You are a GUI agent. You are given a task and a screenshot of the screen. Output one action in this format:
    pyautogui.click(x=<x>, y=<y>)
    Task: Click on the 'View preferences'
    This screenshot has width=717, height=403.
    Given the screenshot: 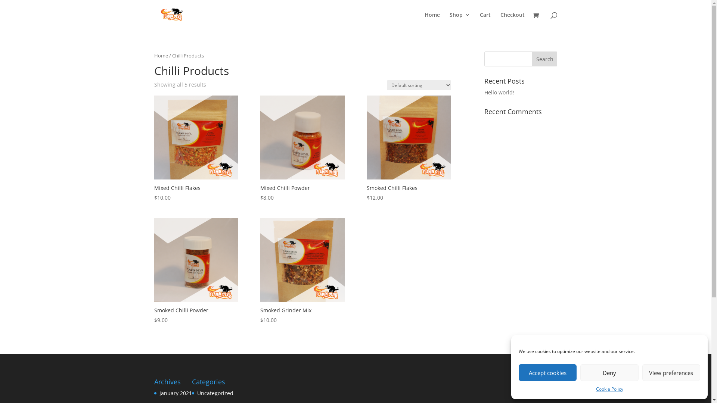 What is the action you would take?
    pyautogui.click(x=642, y=372)
    